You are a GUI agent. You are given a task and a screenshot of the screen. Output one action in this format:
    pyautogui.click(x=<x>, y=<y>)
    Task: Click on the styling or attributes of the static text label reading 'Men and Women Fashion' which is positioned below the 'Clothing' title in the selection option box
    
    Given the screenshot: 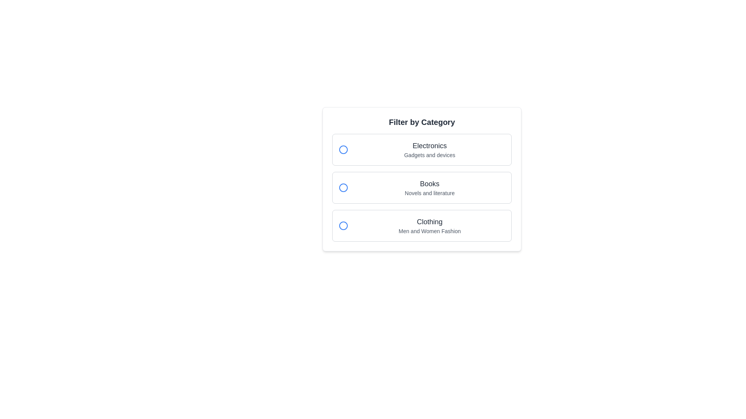 What is the action you would take?
    pyautogui.click(x=429, y=231)
    